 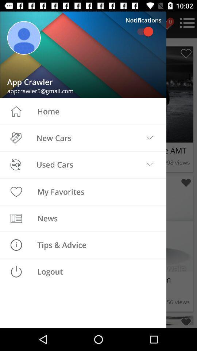 What do you see at coordinates (16, 165) in the screenshot?
I see `the icon beside used cars` at bounding box center [16, 165].